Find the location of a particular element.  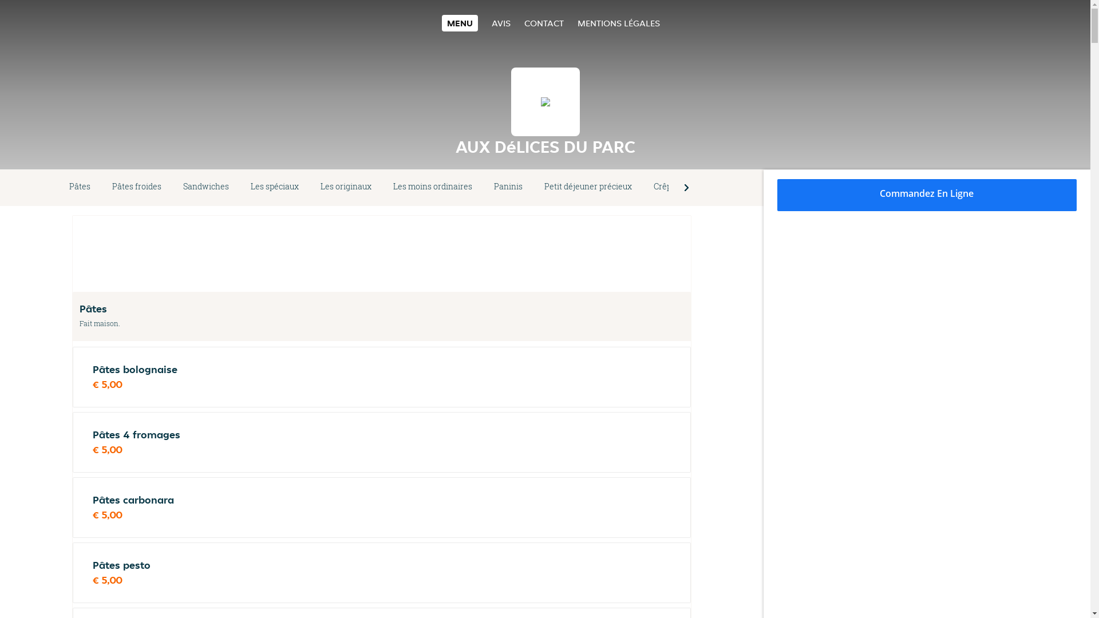

'Les originaux' is located at coordinates (310, 187).